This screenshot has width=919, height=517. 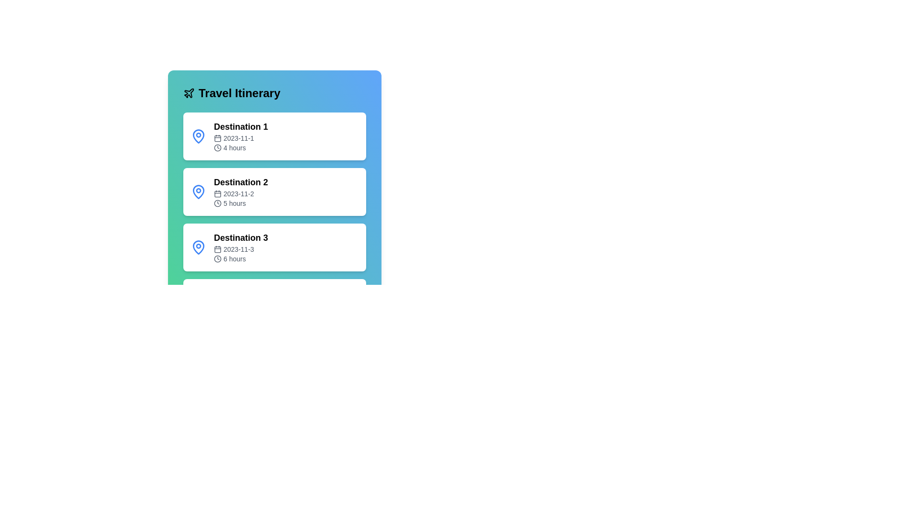 What do you see at coordinates (198, 136) in the screenshot?
I see `the blue outline of the location pin icon that is part of the topmost list item adjacent to the text 'Destination 1'` at bounding box center [198, 136].